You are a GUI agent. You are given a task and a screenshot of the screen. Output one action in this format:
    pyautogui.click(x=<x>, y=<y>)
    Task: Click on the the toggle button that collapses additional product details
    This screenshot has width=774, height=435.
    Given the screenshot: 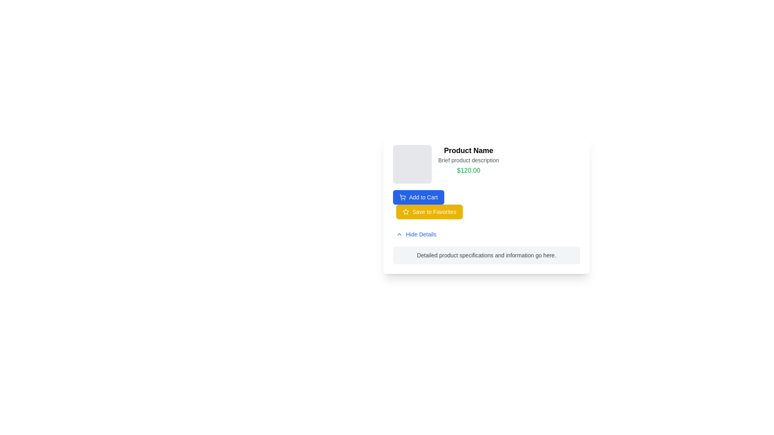 What is the action you would take?
    pyautogui.click(x=416, y=234)
    